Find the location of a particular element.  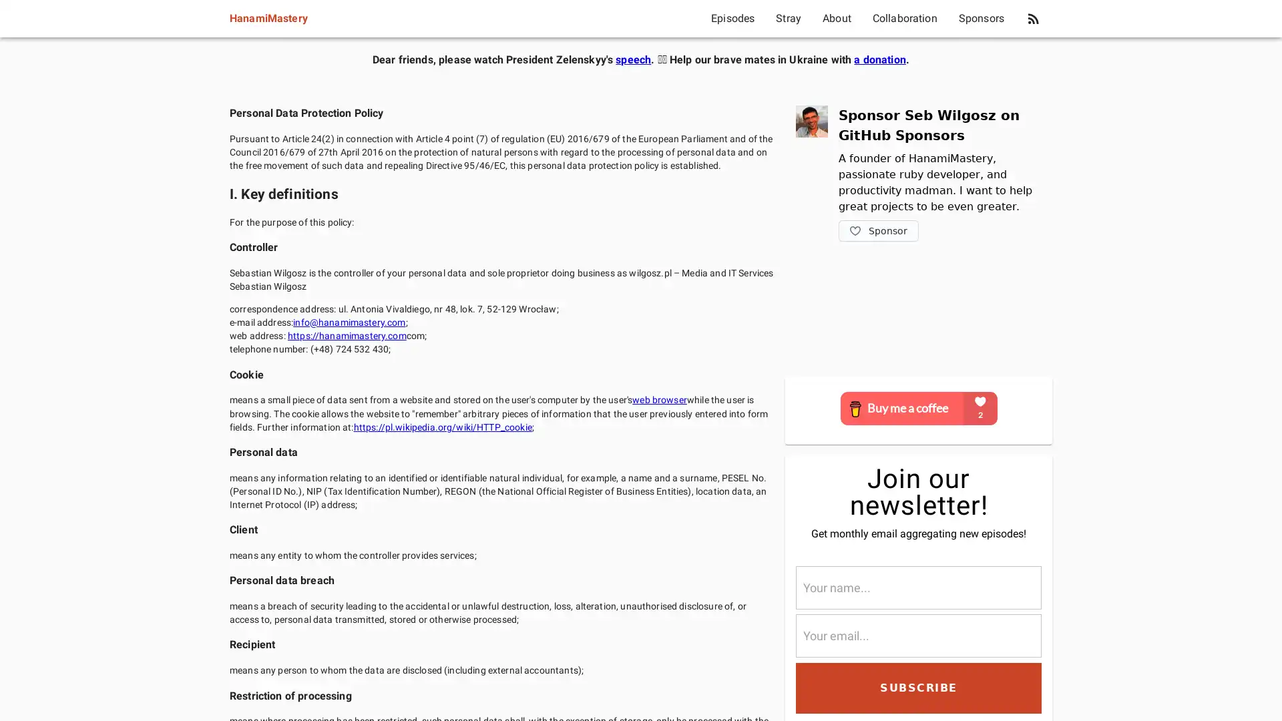

SUBSCRIBE is located at coordinates (918, 687).